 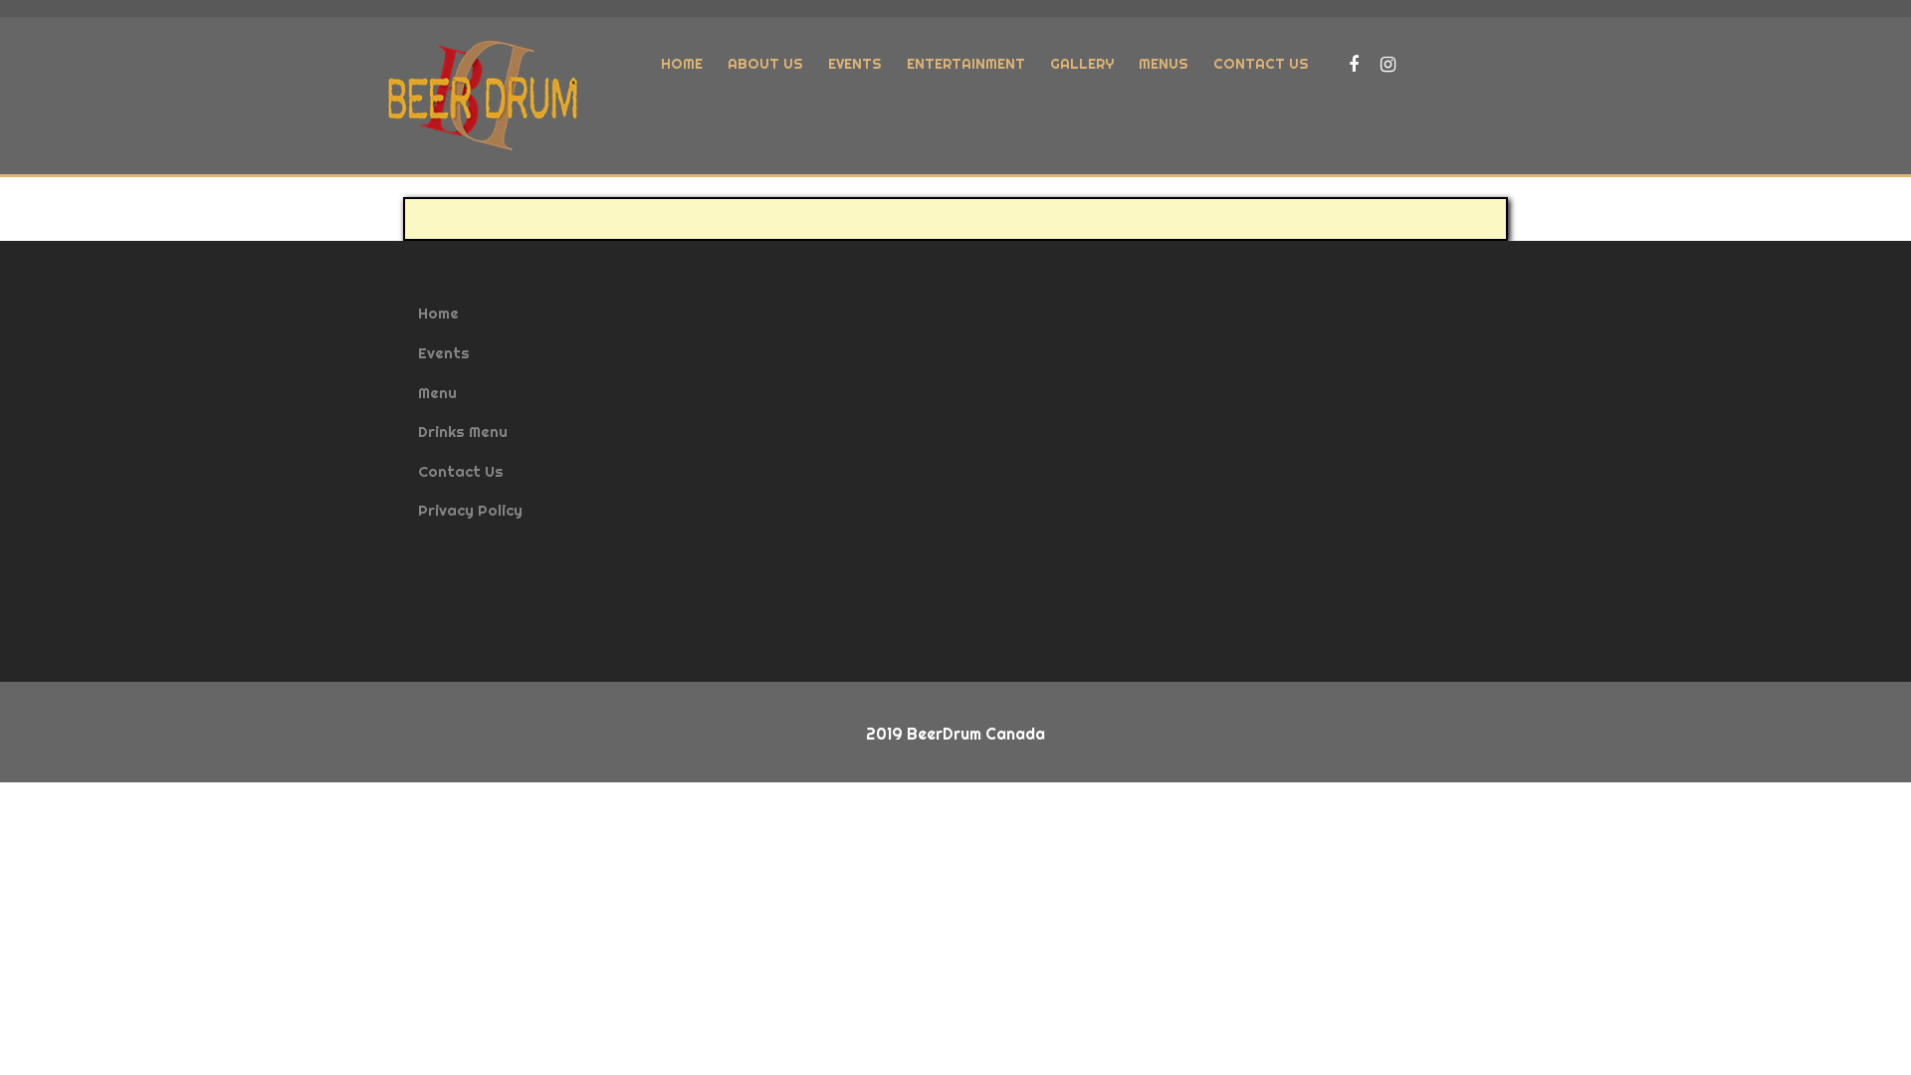 I want to click on 'Privacy Policy', so click(x=469, y=509).